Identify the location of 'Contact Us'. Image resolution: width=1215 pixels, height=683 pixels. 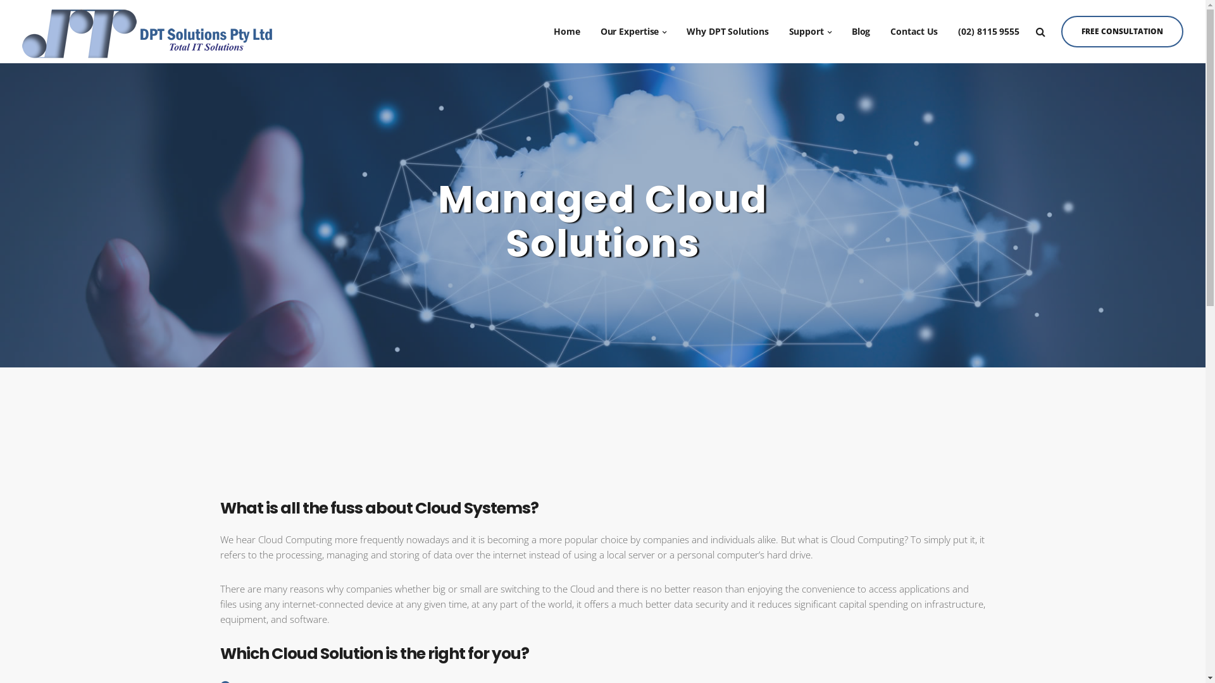
(914, 31).